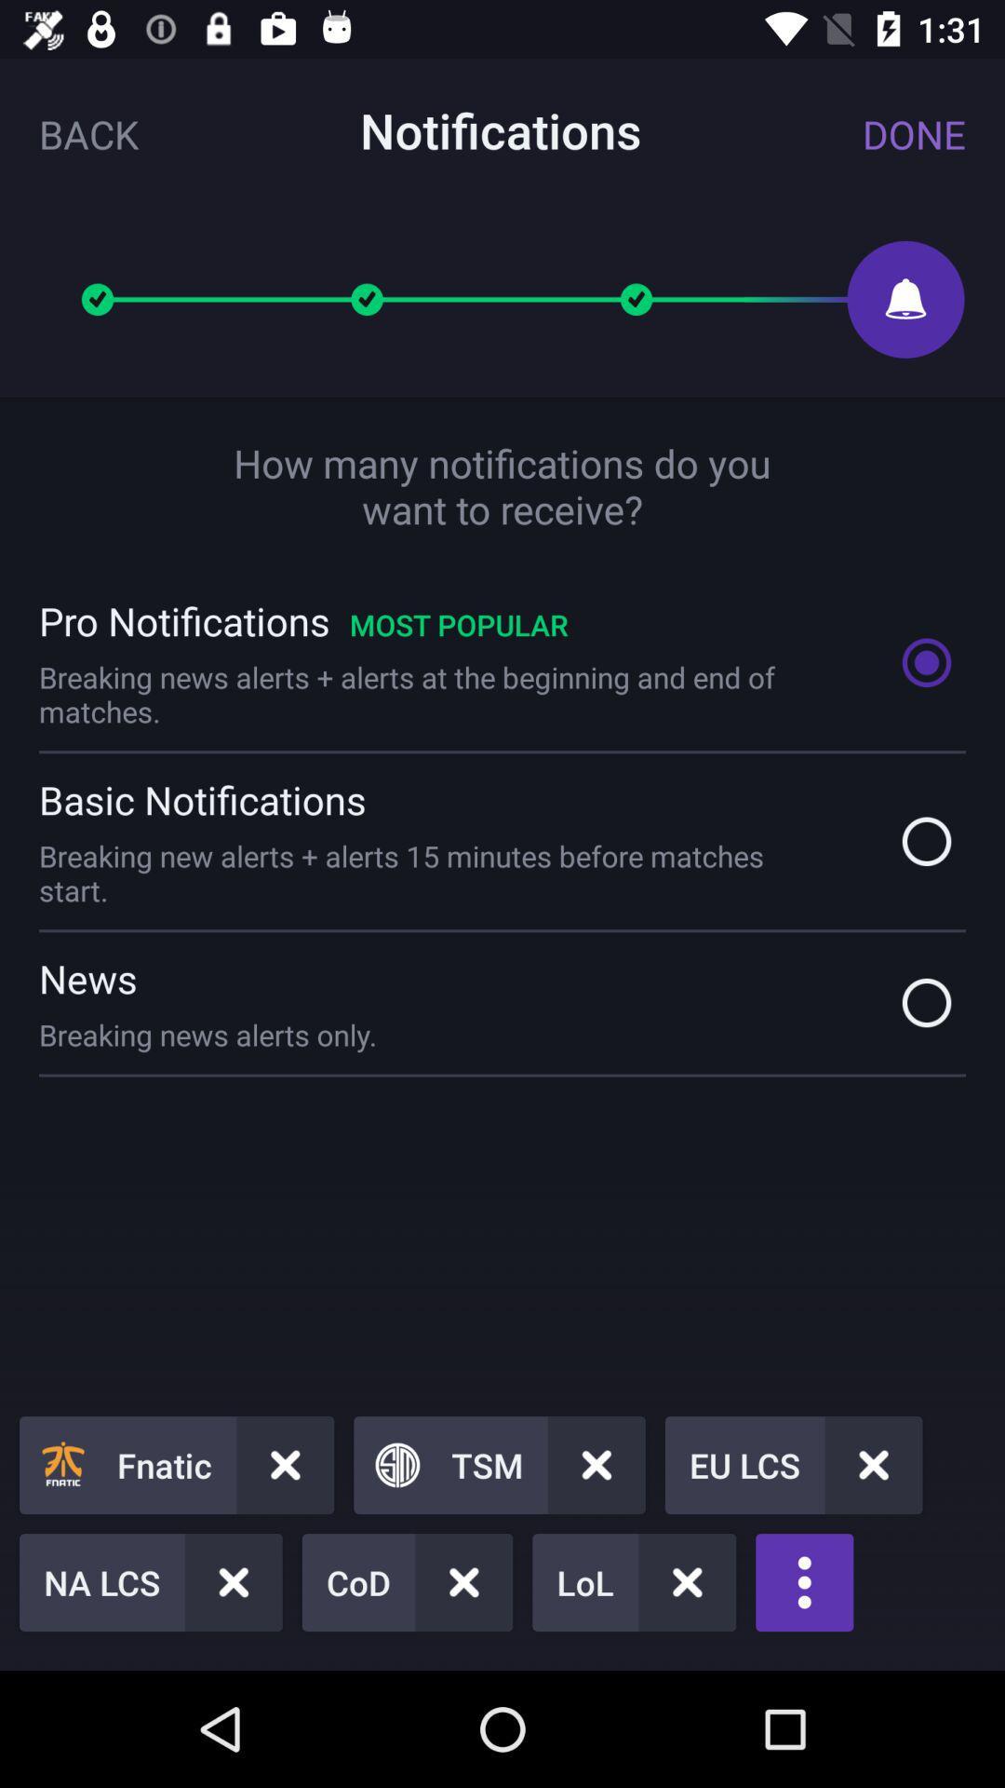  I want to click on icon next to the notifications item, so click(88, 133).